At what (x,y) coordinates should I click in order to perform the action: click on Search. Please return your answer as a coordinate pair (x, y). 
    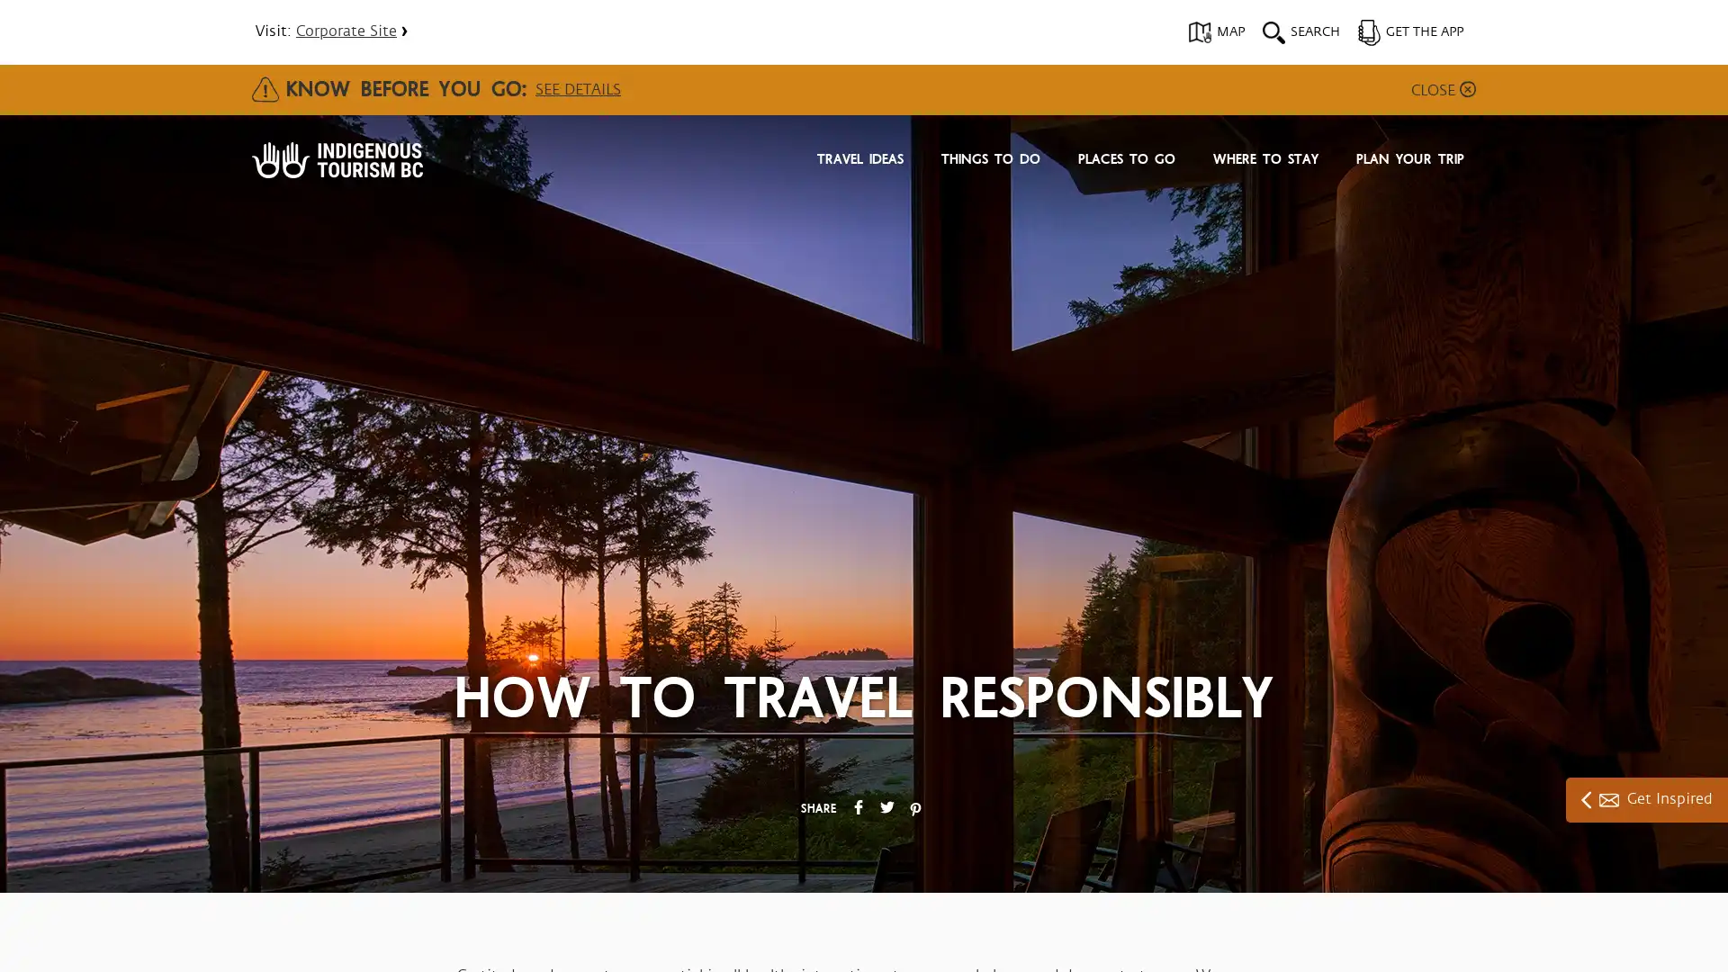
    Looking at the image, I should click on (1125, 214).